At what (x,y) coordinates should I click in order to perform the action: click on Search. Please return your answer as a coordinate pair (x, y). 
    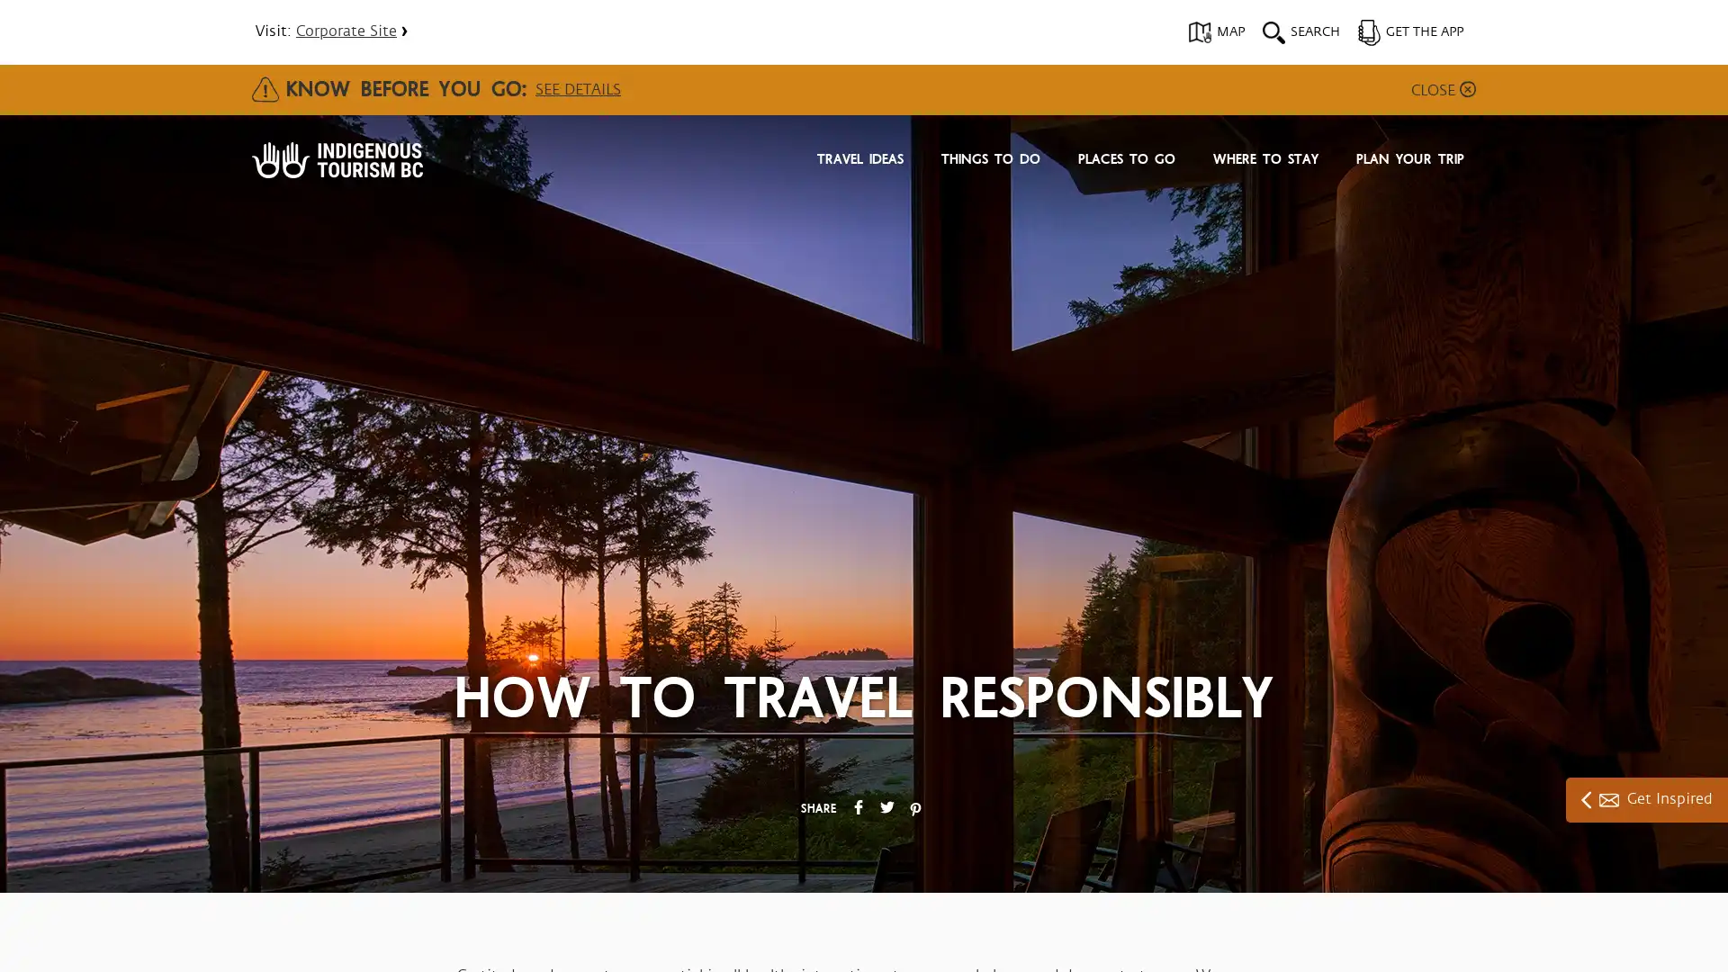
    Looking at the image, I should click on (1125, 214).